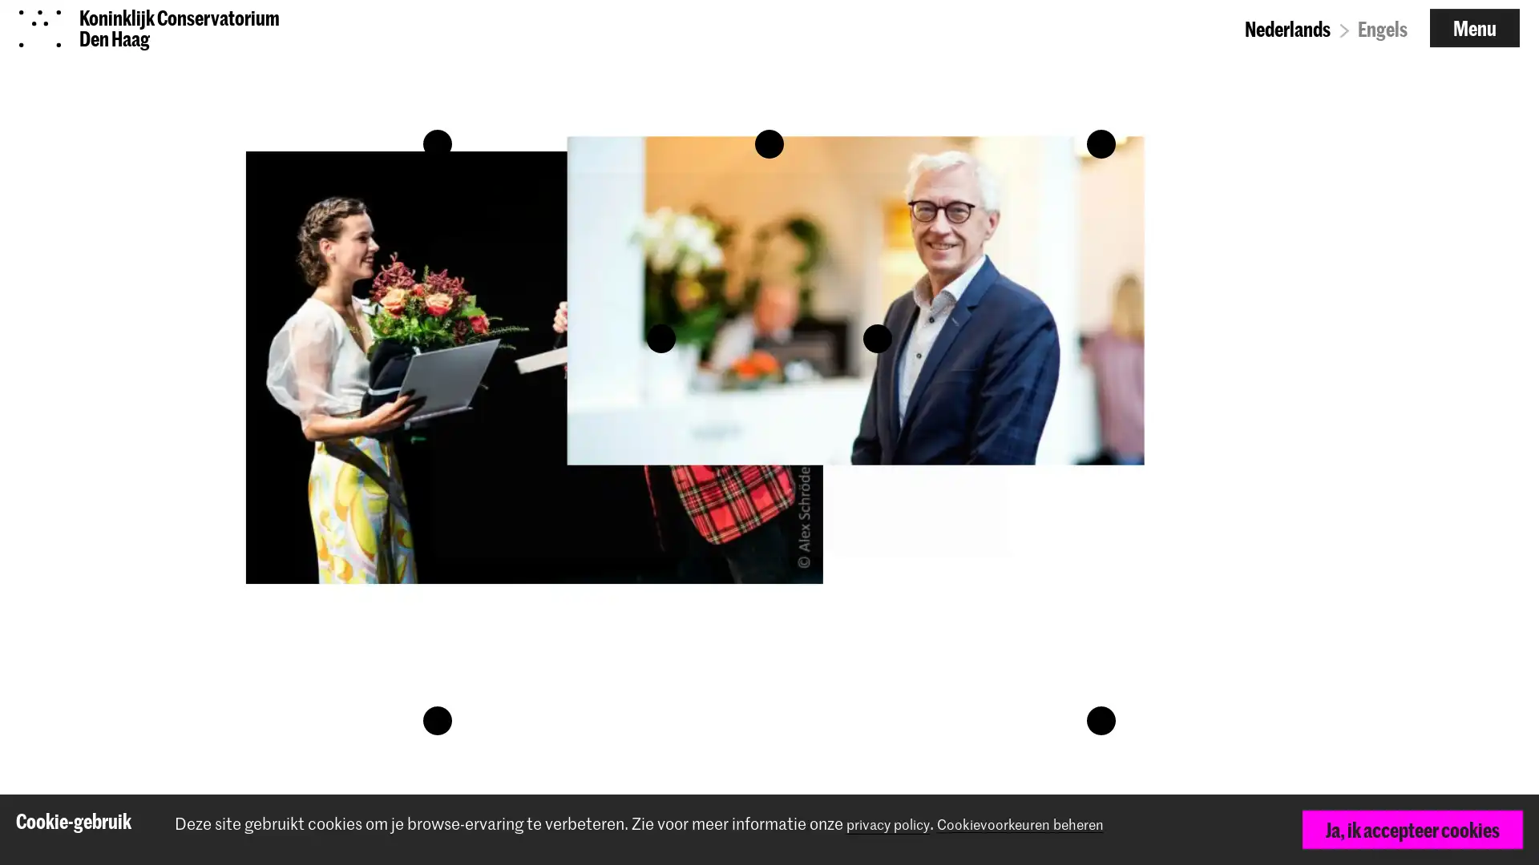 This screenshot has height=865, width=1539. What do you see at coordinates (1412, 829) in the screenshot?
I see `Ja, ik accepteer cookies` at bounding box center [1412, 829].